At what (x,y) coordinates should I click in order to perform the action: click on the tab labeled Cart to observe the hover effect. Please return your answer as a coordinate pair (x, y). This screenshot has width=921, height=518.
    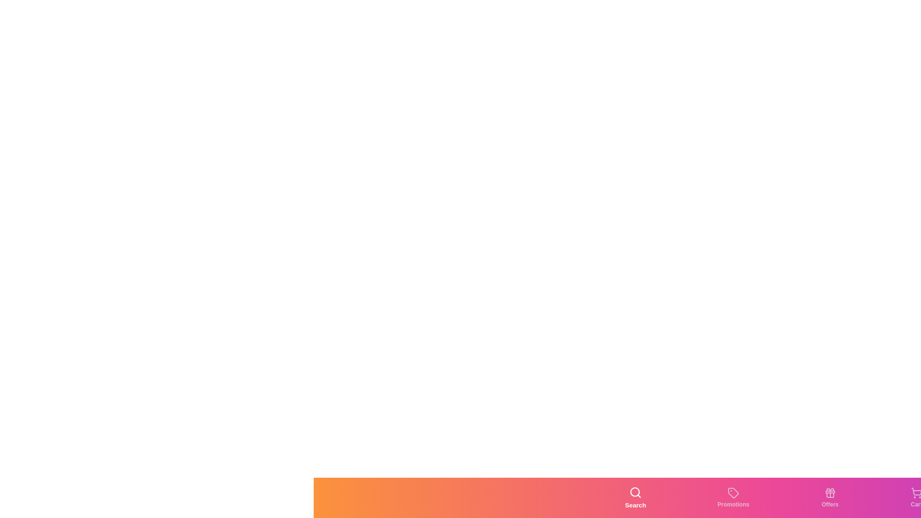
    Looking at the image, I should click on (916, 497).